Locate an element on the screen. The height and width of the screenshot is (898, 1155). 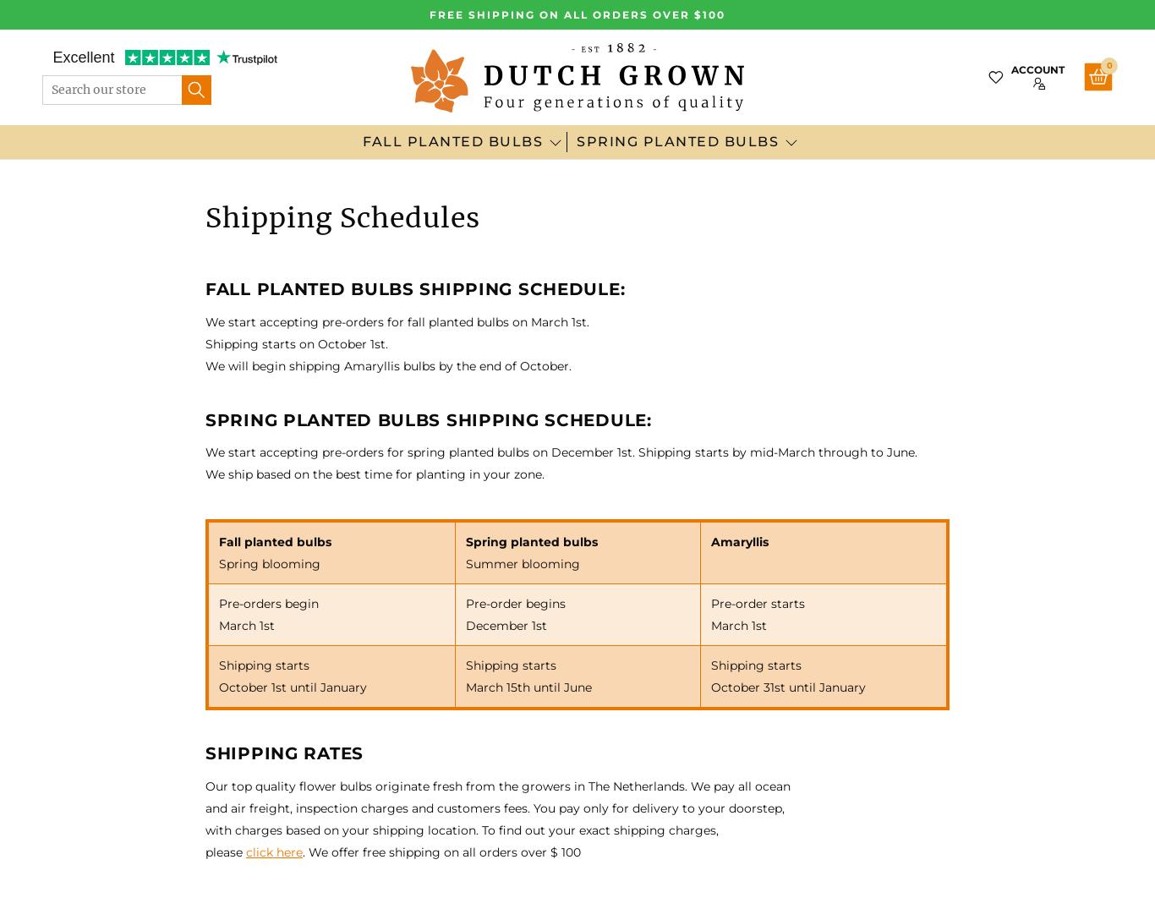
'Shipping Schedules' is located at coordinates (205, 217).